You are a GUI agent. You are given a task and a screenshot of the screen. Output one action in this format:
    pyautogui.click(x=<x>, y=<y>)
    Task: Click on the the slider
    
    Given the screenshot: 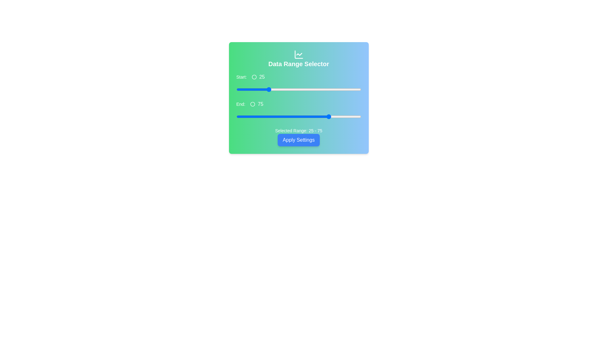 What is the action you would take?
    pyautogui.click(x=278, y=89)
    